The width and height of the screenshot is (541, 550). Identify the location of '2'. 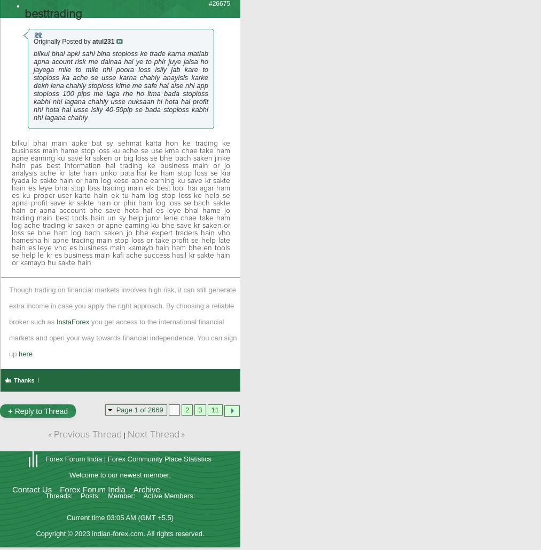
(187, 409).